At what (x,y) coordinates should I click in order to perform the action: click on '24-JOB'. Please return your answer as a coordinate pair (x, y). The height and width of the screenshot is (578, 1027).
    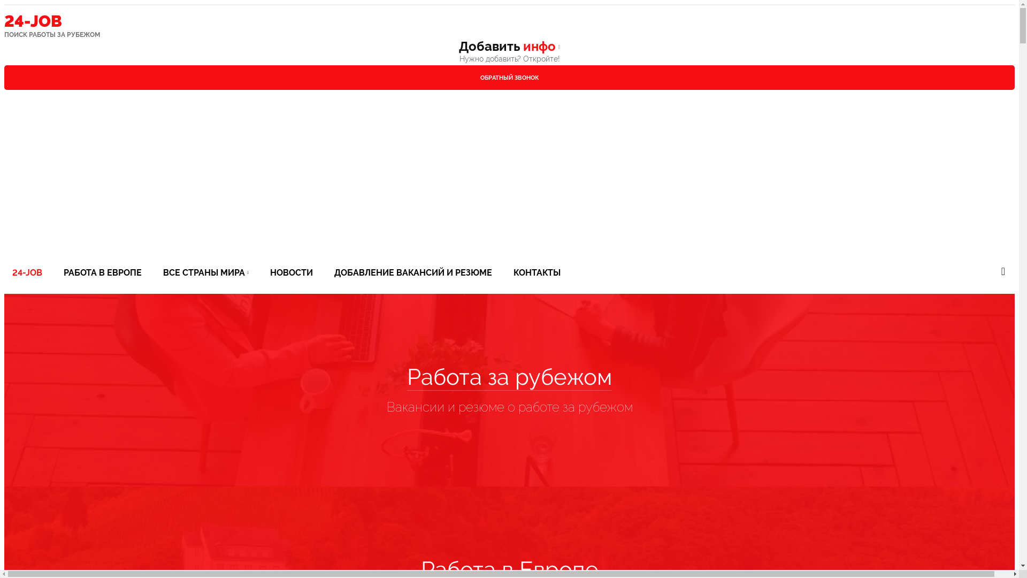
    Looking at the image, I should click on (12, 272).